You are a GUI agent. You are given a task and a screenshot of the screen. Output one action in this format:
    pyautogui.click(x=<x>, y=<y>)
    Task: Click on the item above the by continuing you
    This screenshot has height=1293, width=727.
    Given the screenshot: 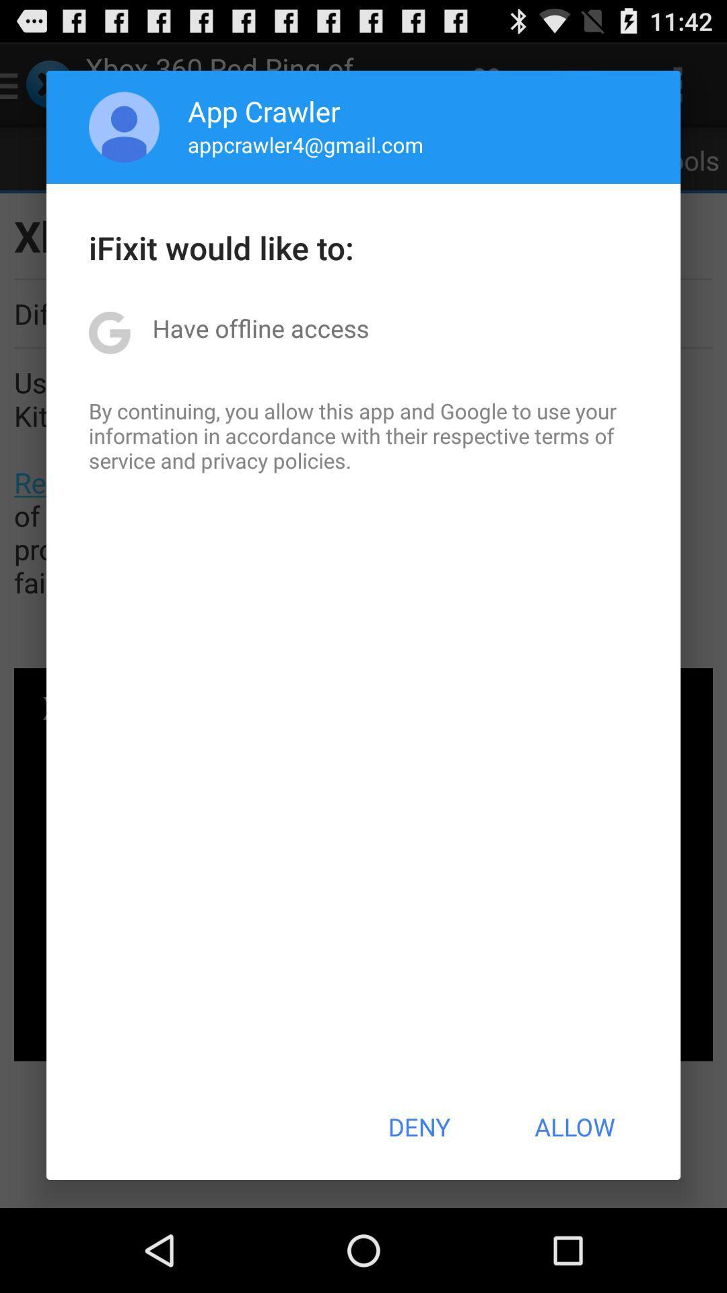 What is the action you would take?
    pyautogui.click(x=261, y=328)
    